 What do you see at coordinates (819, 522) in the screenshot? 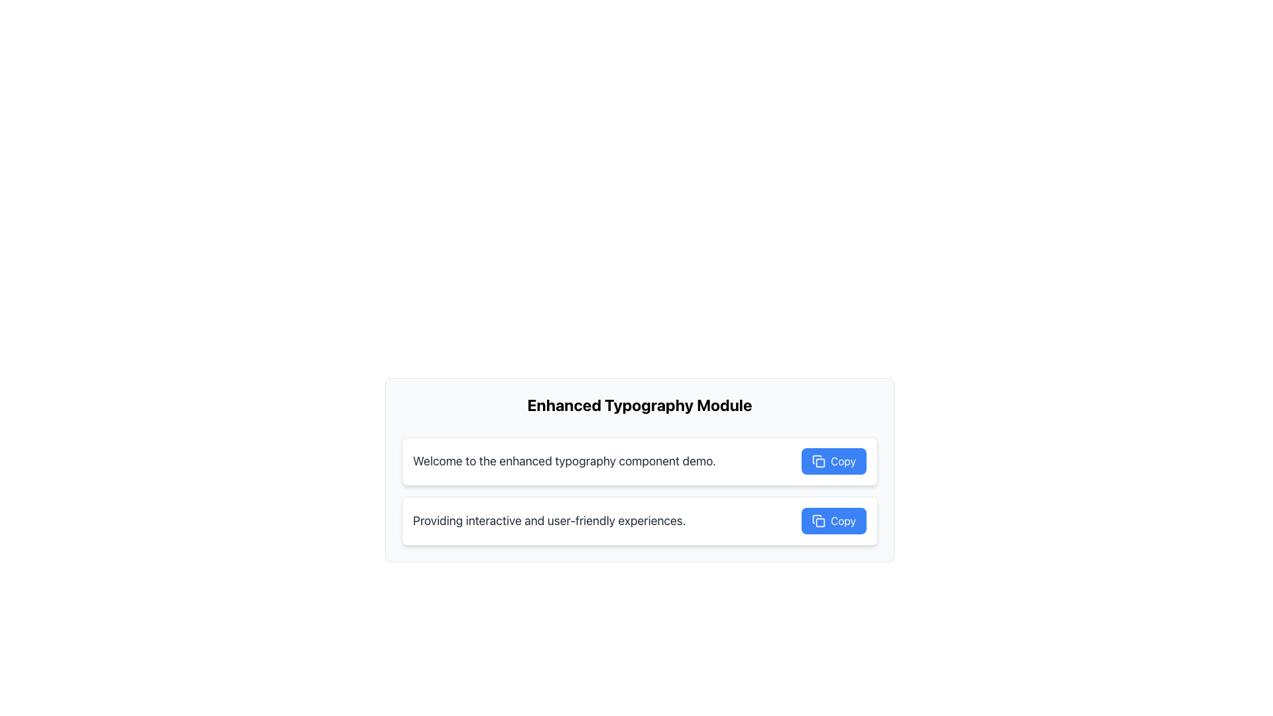
I see `the inner rectangular component of the 'Copy' button's icon, which is positioned next to the second text line in the interface` at bounding box center [819, 522].